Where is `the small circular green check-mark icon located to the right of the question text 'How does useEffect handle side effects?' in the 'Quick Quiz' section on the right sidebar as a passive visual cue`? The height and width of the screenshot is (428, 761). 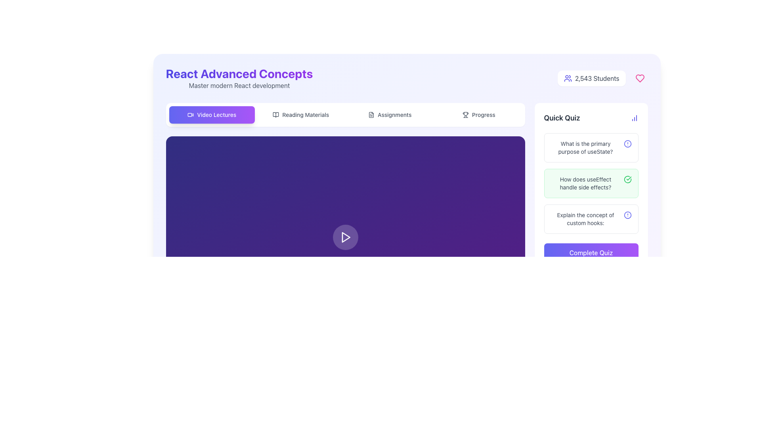 the small circular green check-mark icon located to the right of the question text 'How does useEffect handle side effects?' in the 'Quick Quiz' section on the right sidebar as a passive visual cue is located at coordinates (627, 179).